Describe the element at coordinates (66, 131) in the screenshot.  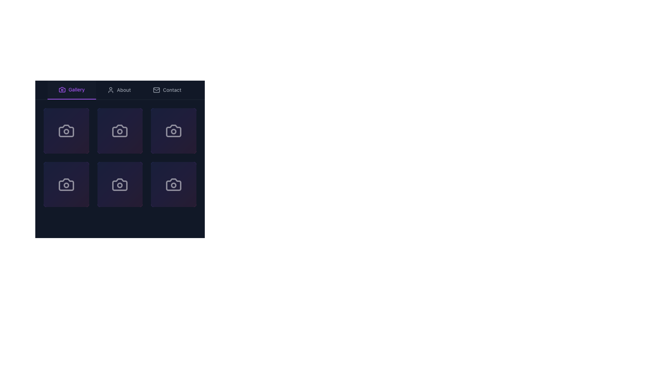
I see `the button or icon element located in the top-left of the grid under the 'Gallery' navigation item` at that location.